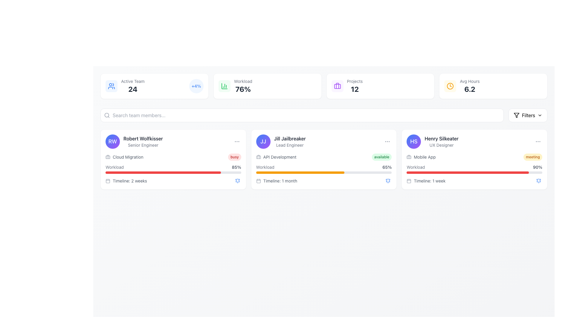 This screenshot has width=574, height=322. I want to click on textual information displaying the name and designation of Jill Jailbreaker, which is positioned within the second card from the left in a horizontally arranged row of cards, so click(290, 141).